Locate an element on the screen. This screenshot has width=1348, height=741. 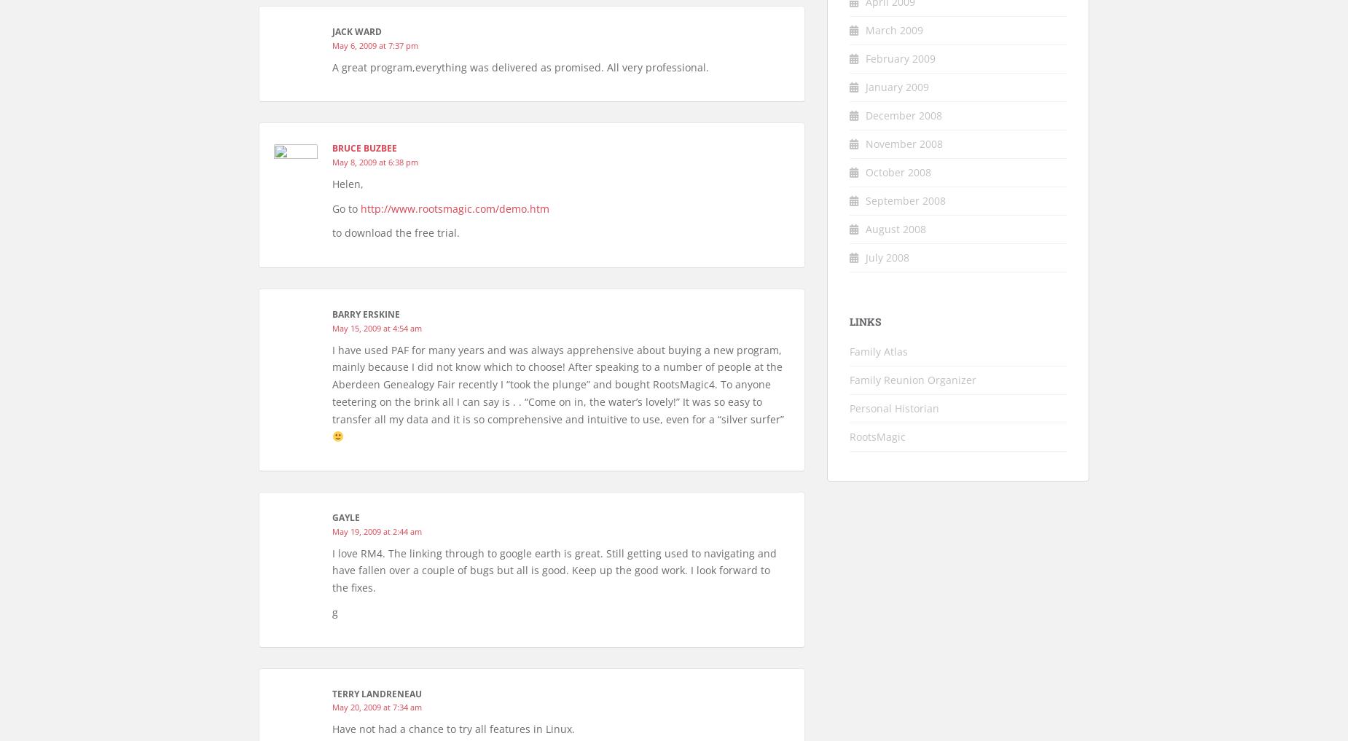
'October 2008' is located at coordinates (865, 170).